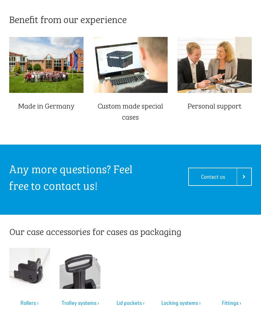 The width and height of the screenshot is (261, 327). I want to click on 'Custom made special cases', so click(130, 111).